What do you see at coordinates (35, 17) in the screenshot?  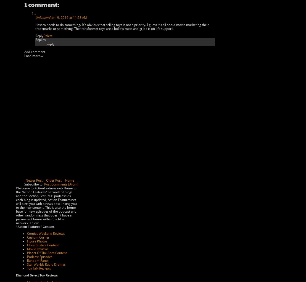 I see `'Unknown'` at bounding box center [35, 17].